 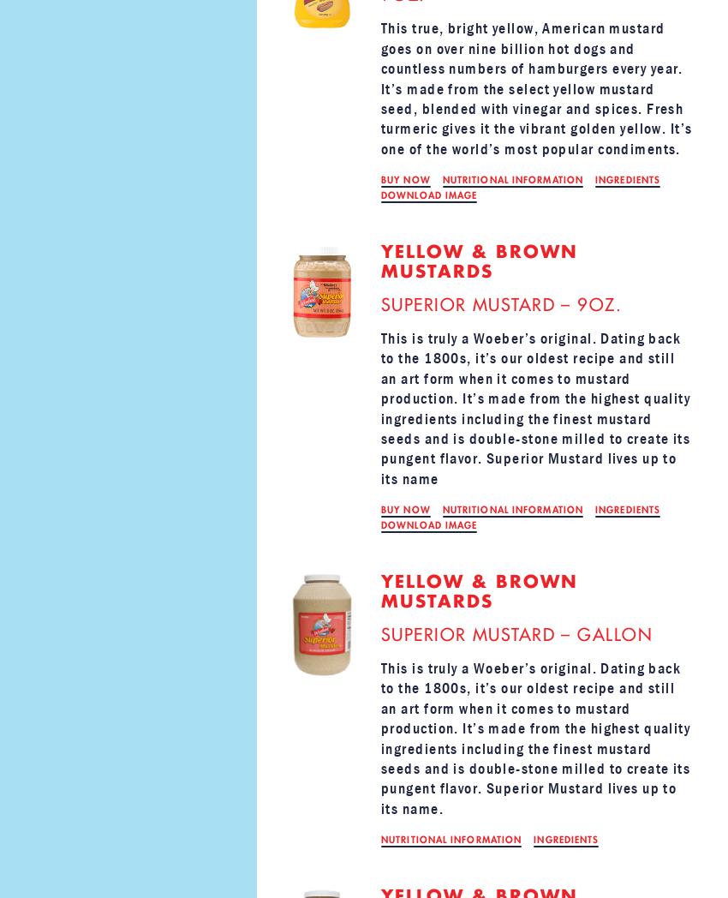 What do you see at coordinates (534, 738) in the screenshot?
I see `'This is truly a Woeber’s original. Dating back to the 1800s, it’s our oldest recipe and still an art form when it comes to mustard production. It’s made from the highest quality ingredients including the finest mustard seeds and is double-stone milled to create its pungent flavor. Superior Mustard lives up to its name.'` at bounding box center [534, 738].